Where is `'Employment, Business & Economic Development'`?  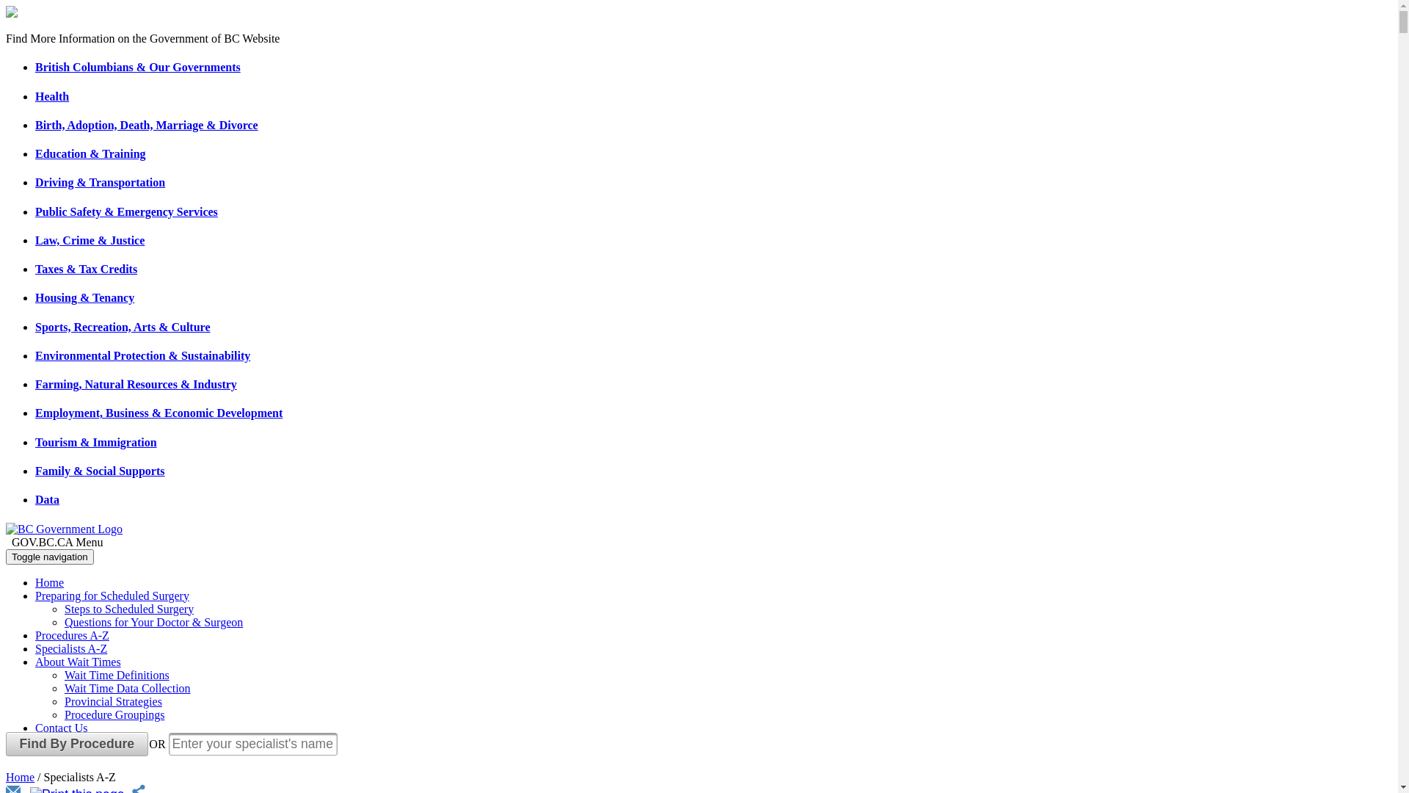 'Employment, Business & Economic Development' is located at coordinates (159, 413).